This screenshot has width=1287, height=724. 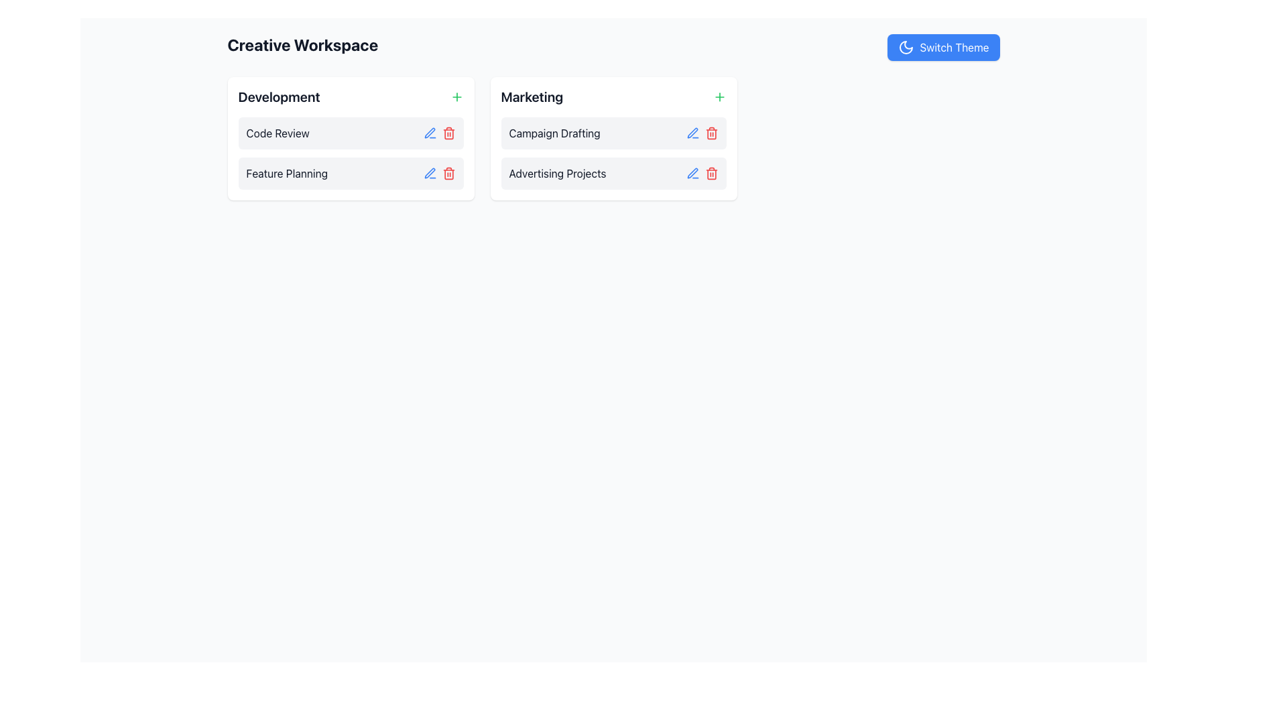 What do you see at coordinates (711, 134) in the screenshot?
I see `the trash bin icon located in the top-right corner of the 'Marketing' card, which represents the main body of the icon` at bounding box center [711, 134].